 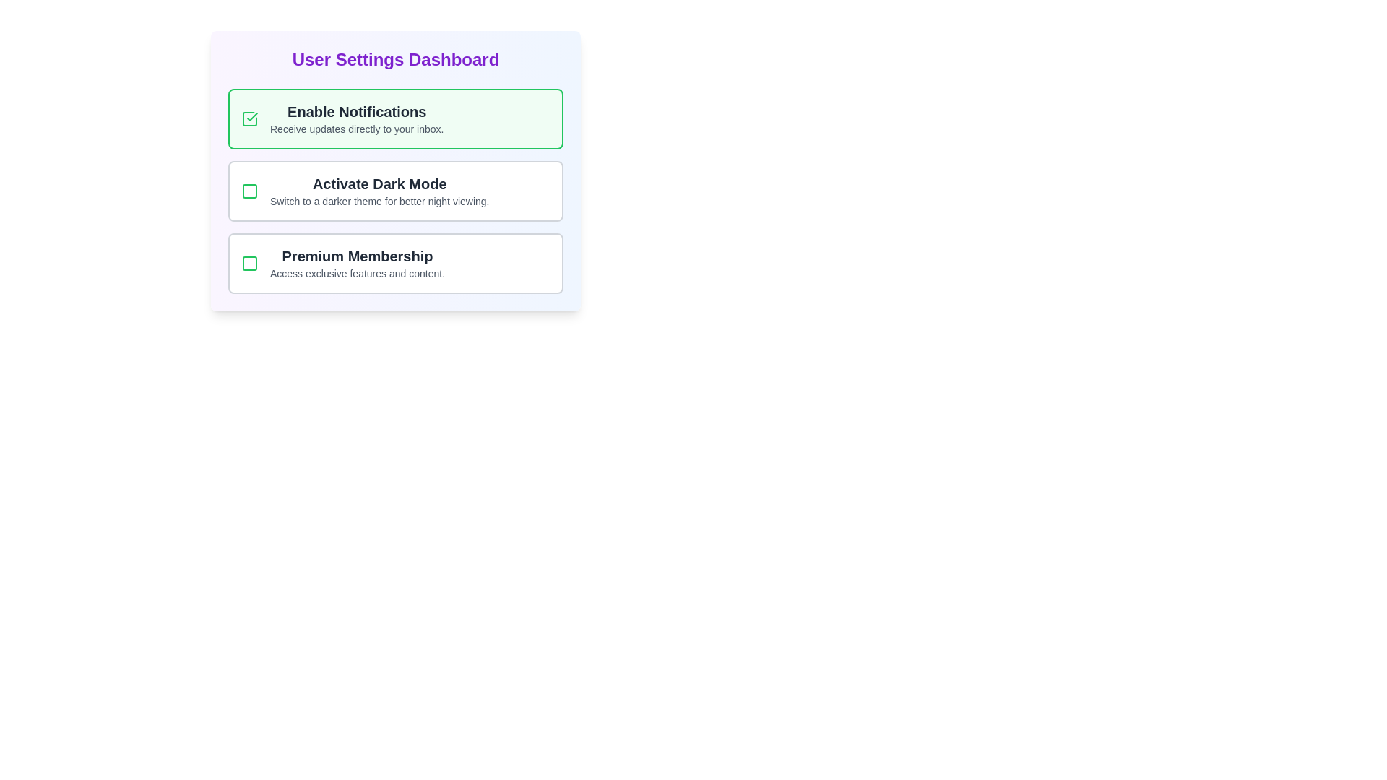 I want to click on descriptive text of the selectable panel with a checkbox that allows users to toggle dark mode, positioned in the User Settings Dashboard below 'Enable Notifications', so click(x=395, y=191).